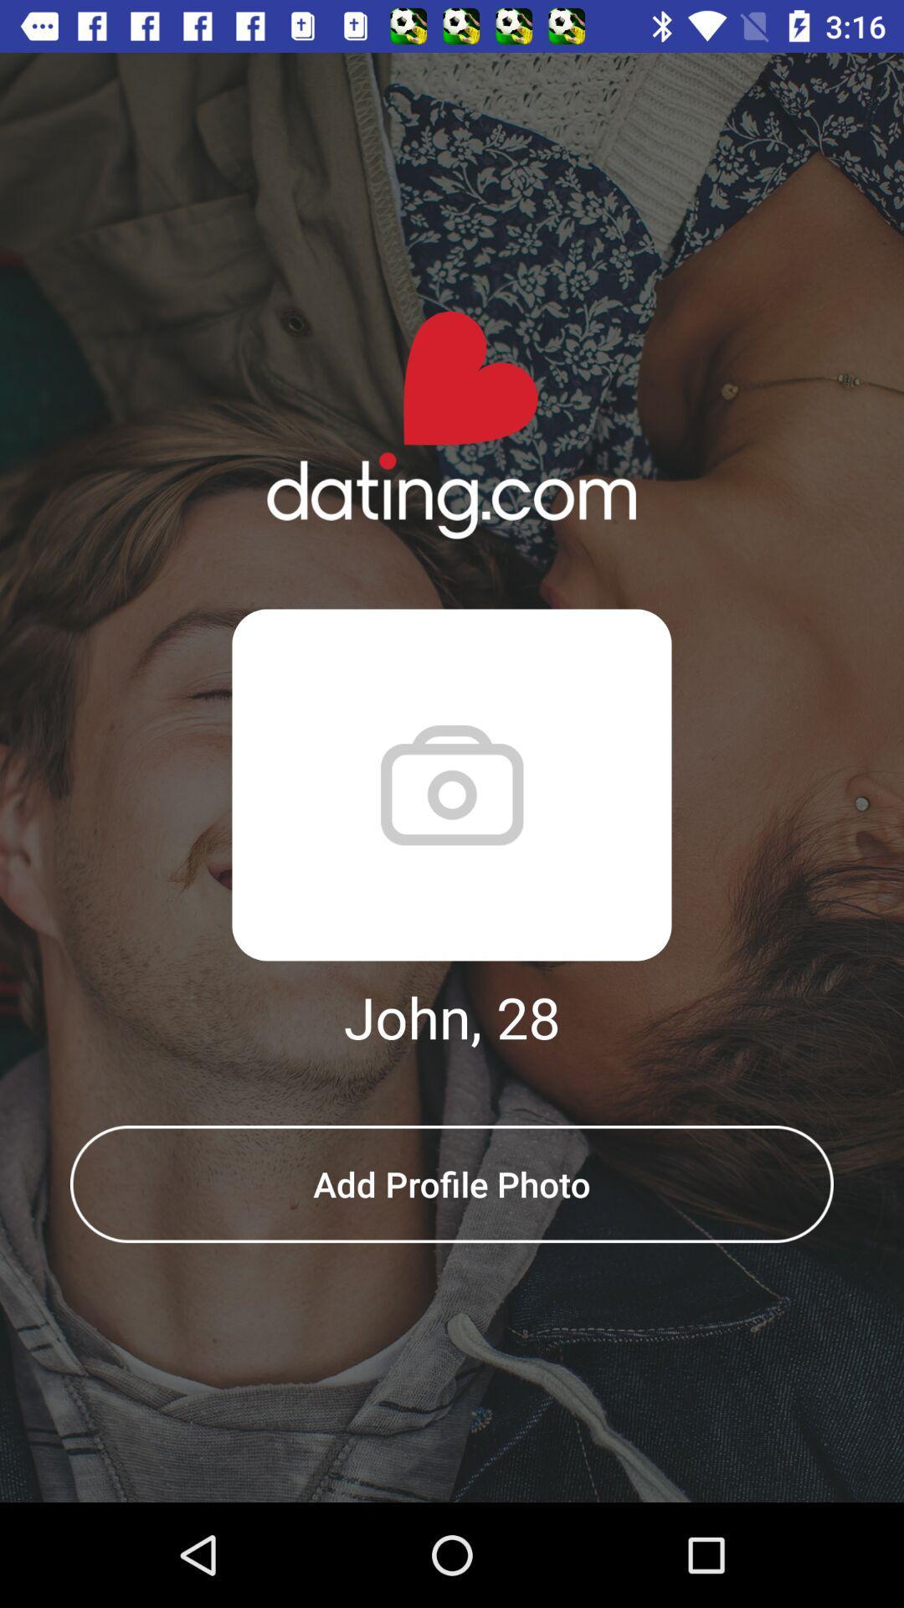  Describe the element at coordinates (452, 1183) in the screenshot. I see `the add profile photo item` at that location.